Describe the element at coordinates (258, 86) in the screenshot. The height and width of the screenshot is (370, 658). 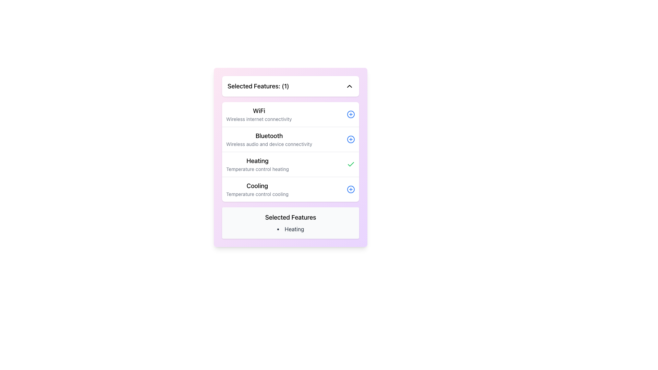
I see `the text label displaying 'Selected Features: (1)' which is located at the top of the selection panel, positioned directly left of a dropdown arrow icon` at that location.